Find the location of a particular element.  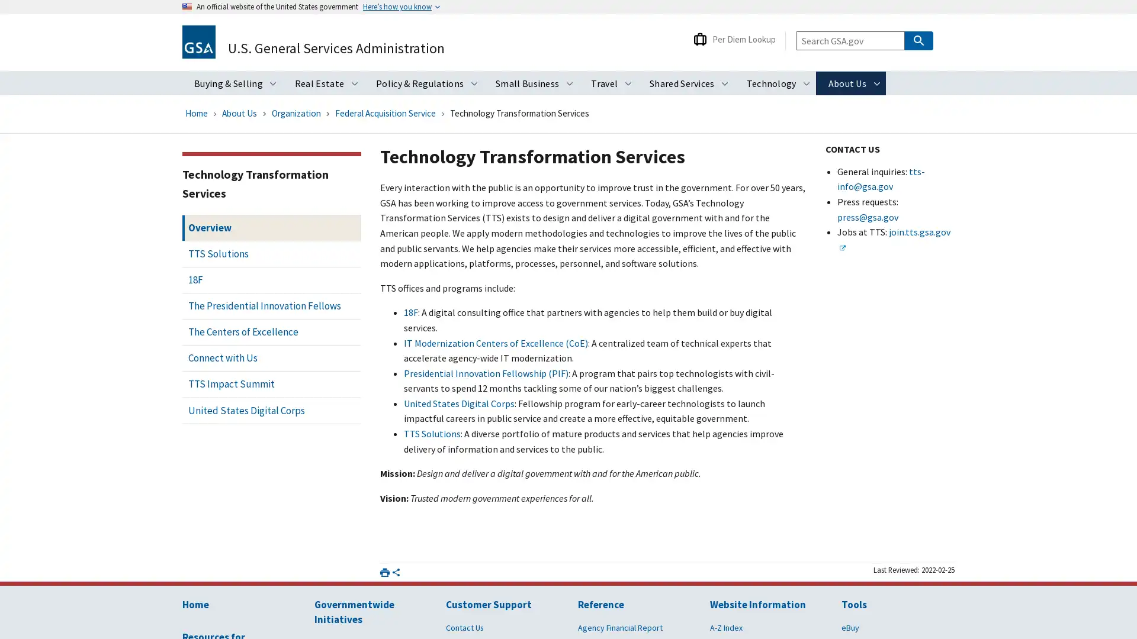

Search is located at coordinates (918, 40).